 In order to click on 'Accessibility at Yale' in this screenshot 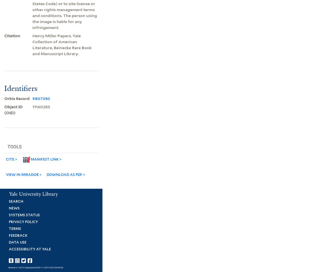, I will do `click(9, 249)`.